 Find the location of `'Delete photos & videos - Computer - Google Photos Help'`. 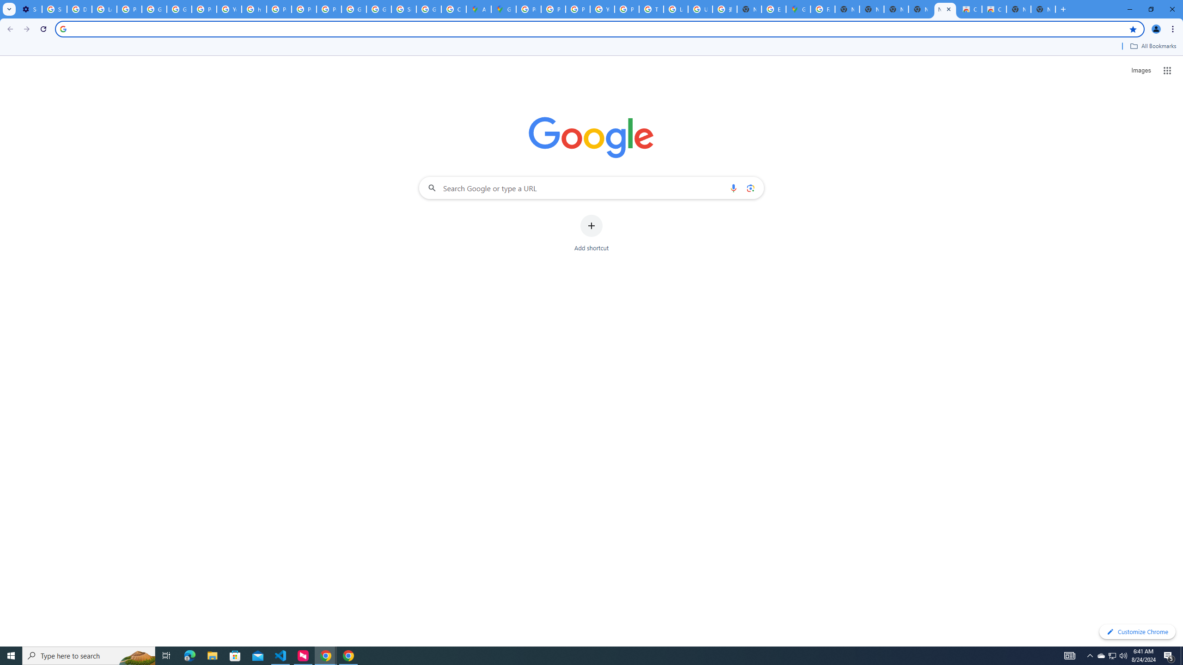

'Delete photos & videos - Computer - Google Photos Help' is located at coordinates (79, 9).